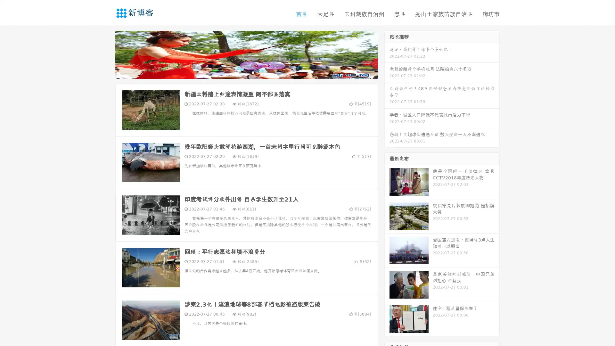 The image size is (615, 346). What do you see at coordinates (246, 72) in the screenshot?
I see `Go to slide 2` at bounding box center [246, 72].